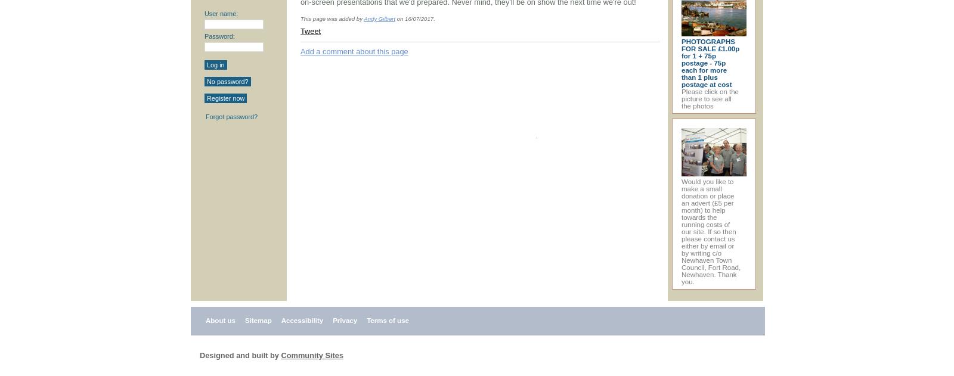 The height and width of the screenshot is (376, 954). Describe the element at coordinates (309, 31) in the screenshot. I see `'Tweet'` at that location.